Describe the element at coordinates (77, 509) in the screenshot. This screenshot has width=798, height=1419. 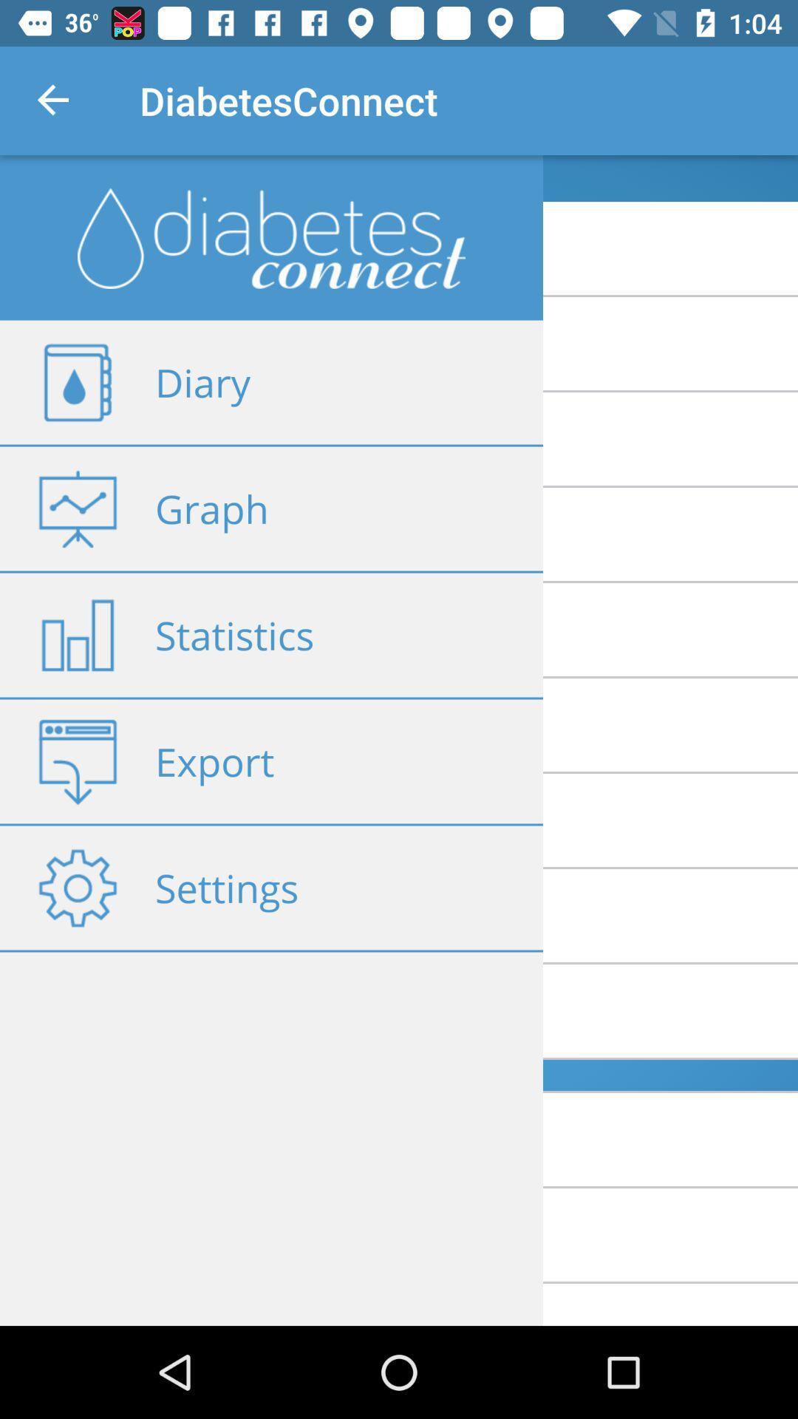
I see `the icon on the left side of graph` at that location.